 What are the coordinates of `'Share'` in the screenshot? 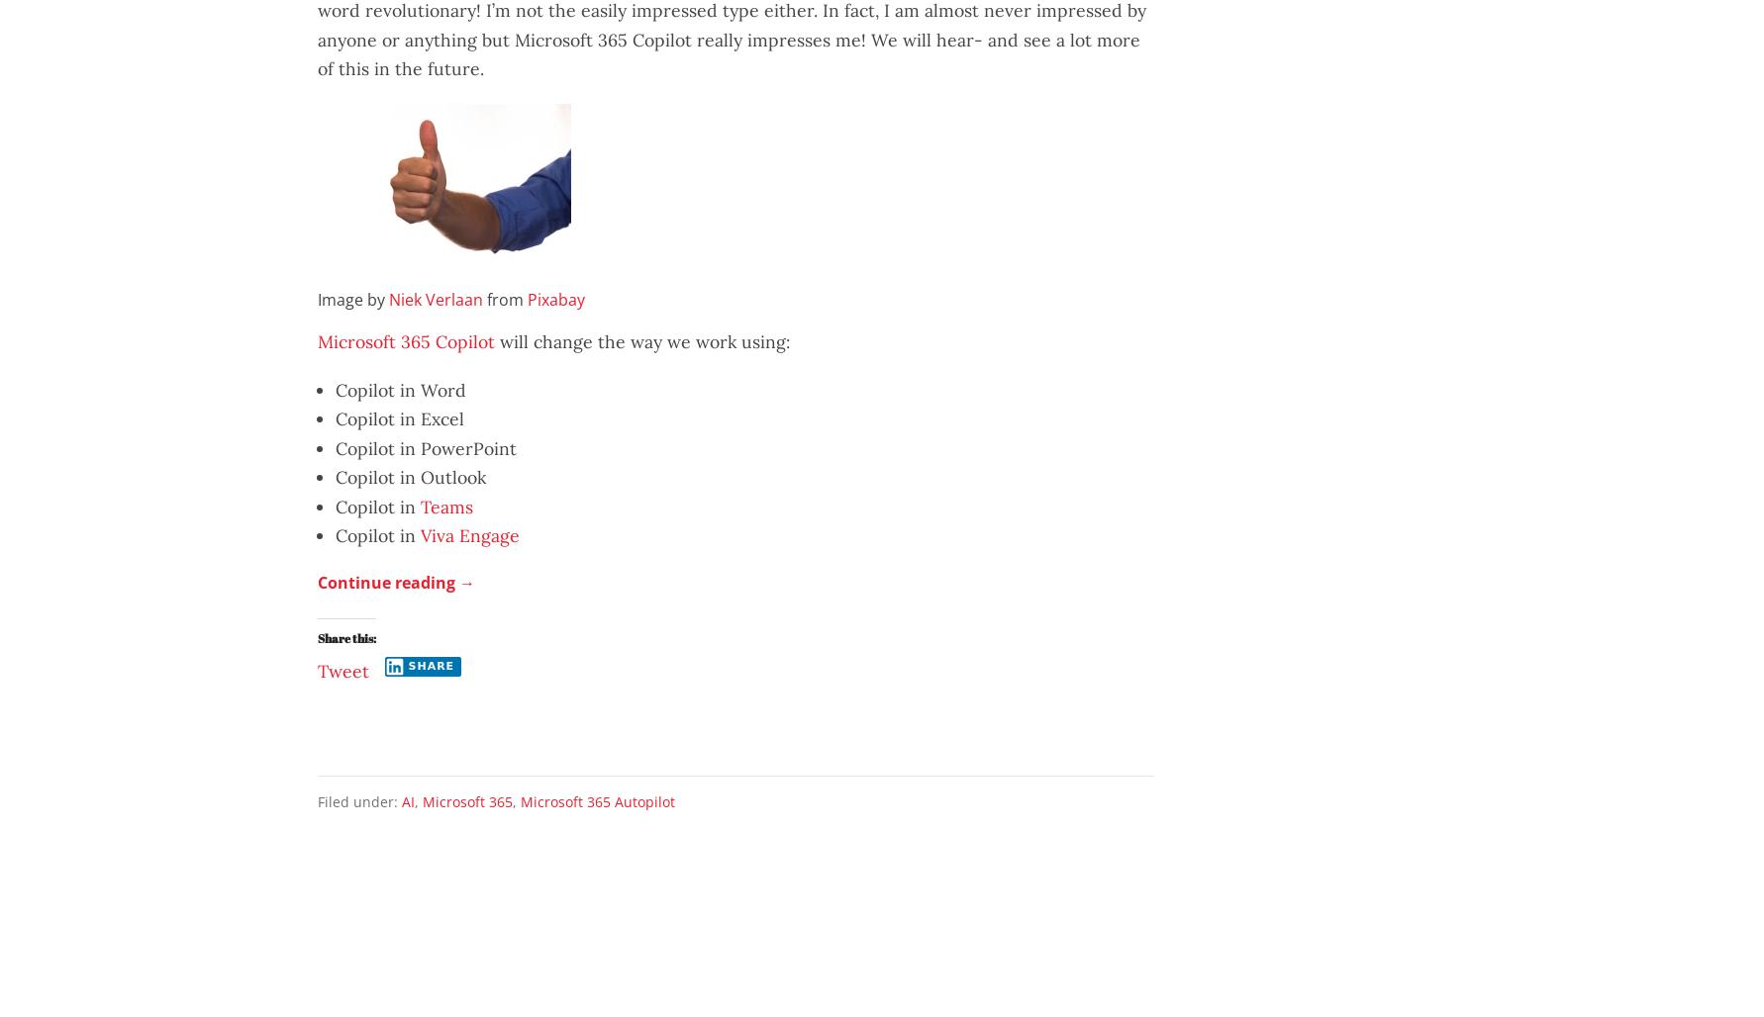 It's located at (431, 666).